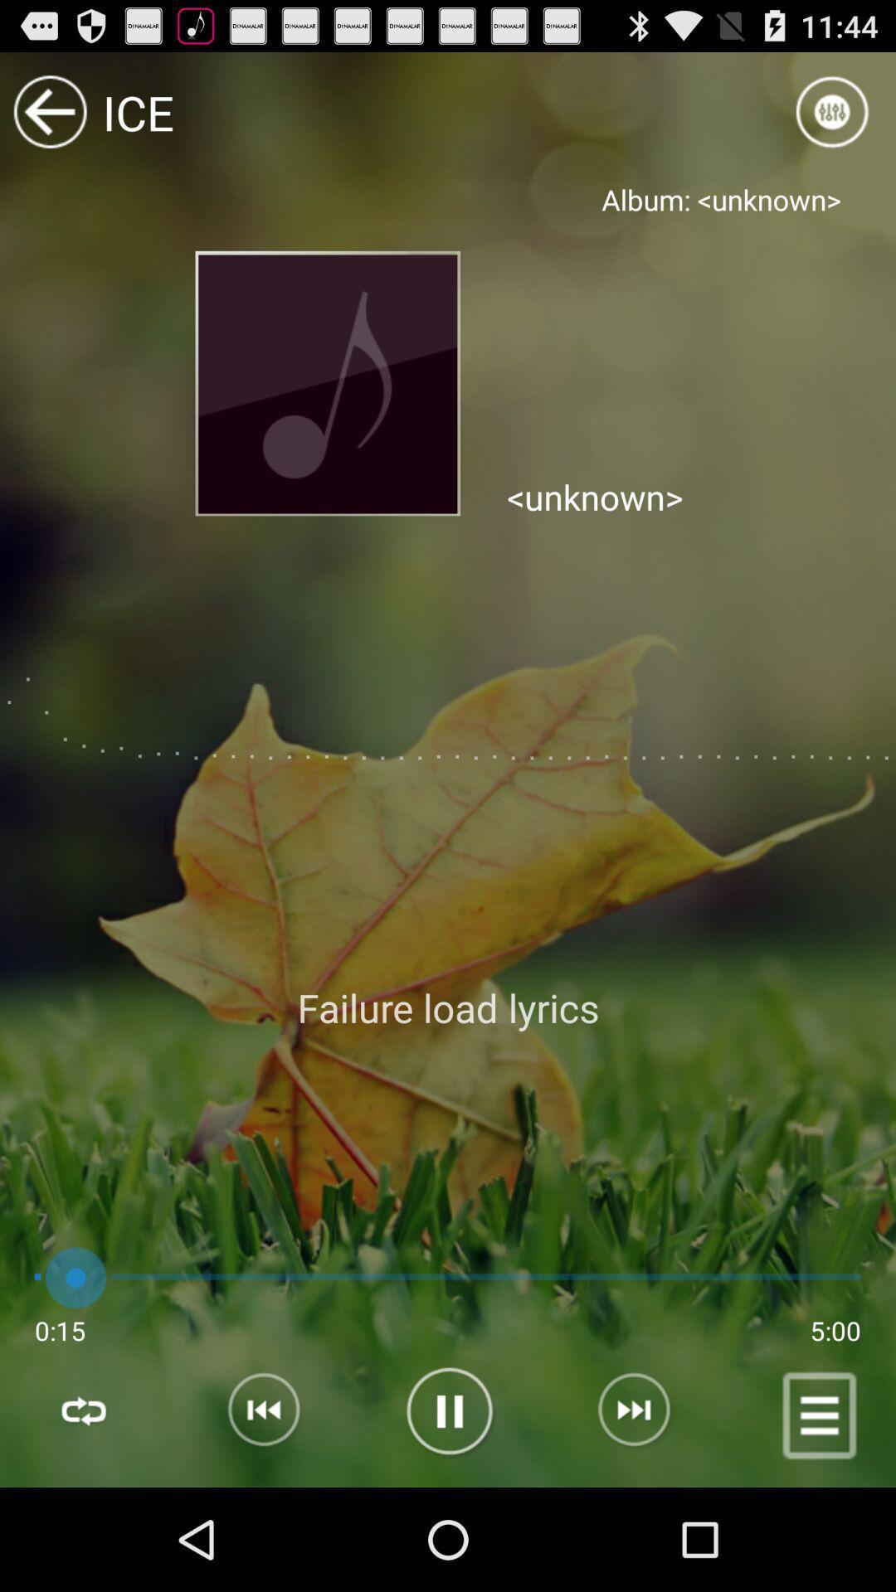 The width and height of the screenshot is (896, 1592). I want to click on the sliders icon, so click(832, 119).